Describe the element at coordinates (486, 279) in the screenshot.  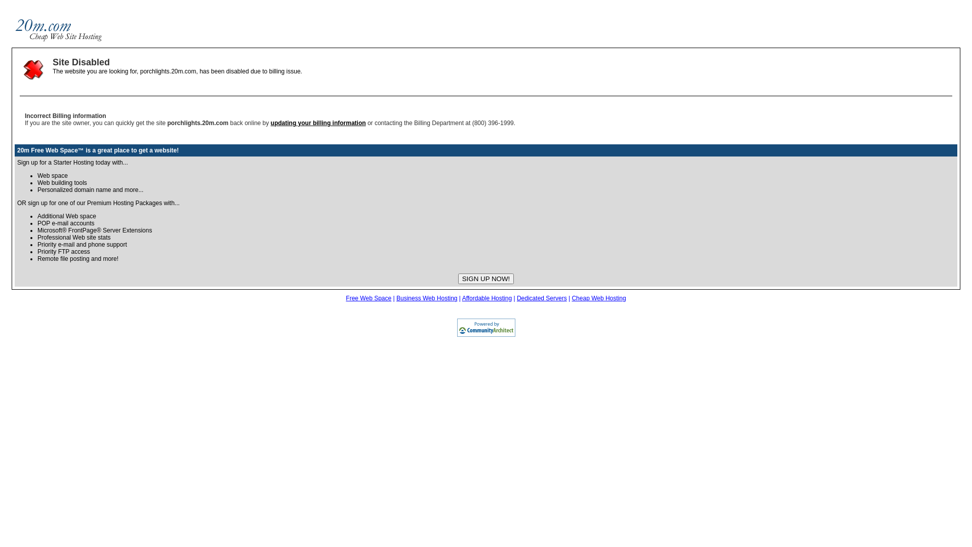
I see `'SIGN UP NOW!'` at that location.